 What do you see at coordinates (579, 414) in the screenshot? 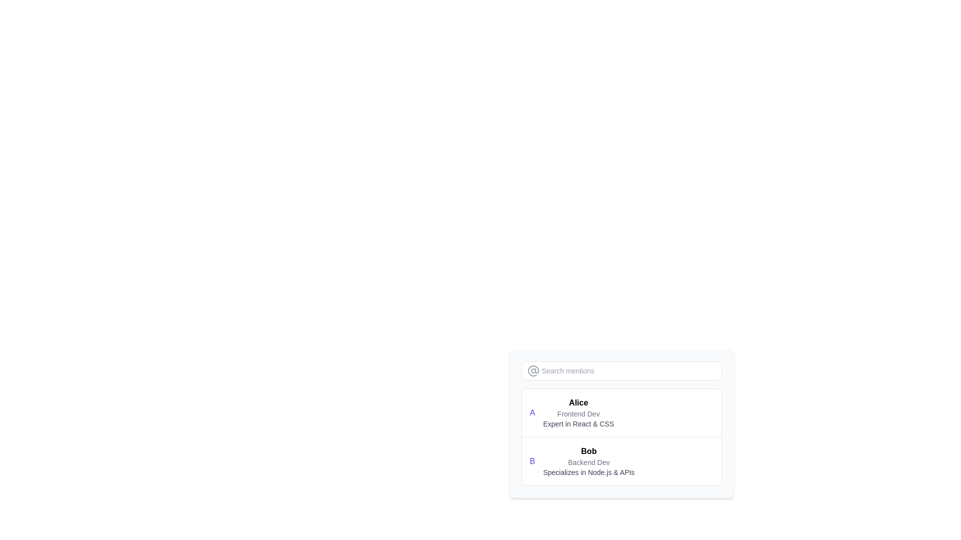
I see `the text label displaying 'Frontend Dev', which is styled in a smaller font size and subdued gray color, located directly below 'Alice' and above 'Expert in React & CSS'` at bounding box center [579, 414].